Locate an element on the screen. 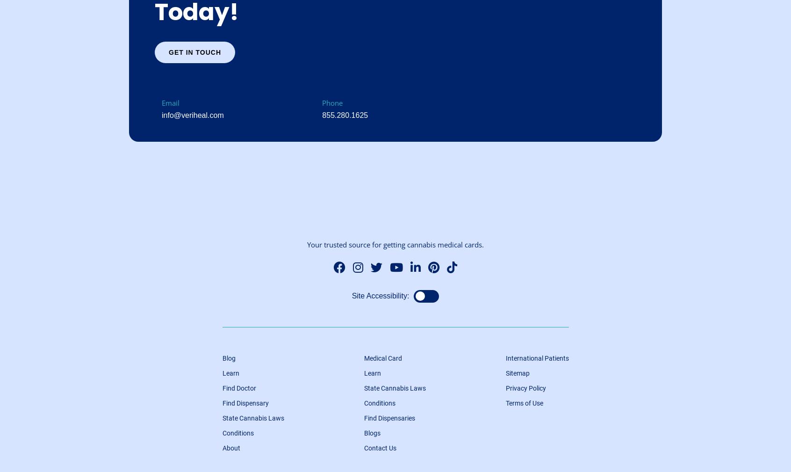  'Your trusted source for getting cannabis medical cards.' is located at coordinates (395, 244).